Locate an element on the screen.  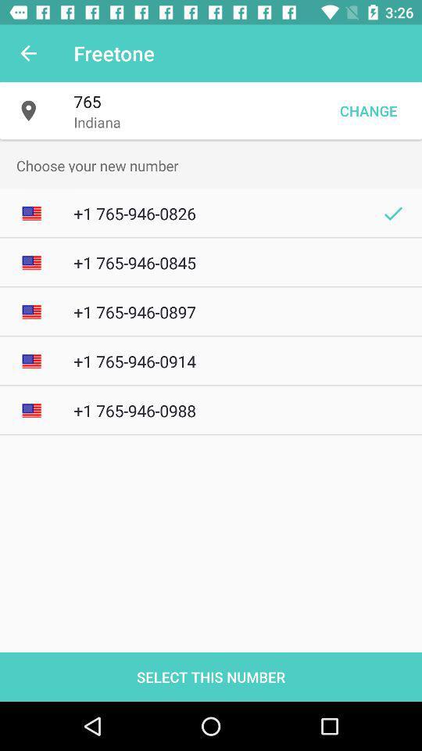
item next to the freetone app is located at coordinates (28, 53).